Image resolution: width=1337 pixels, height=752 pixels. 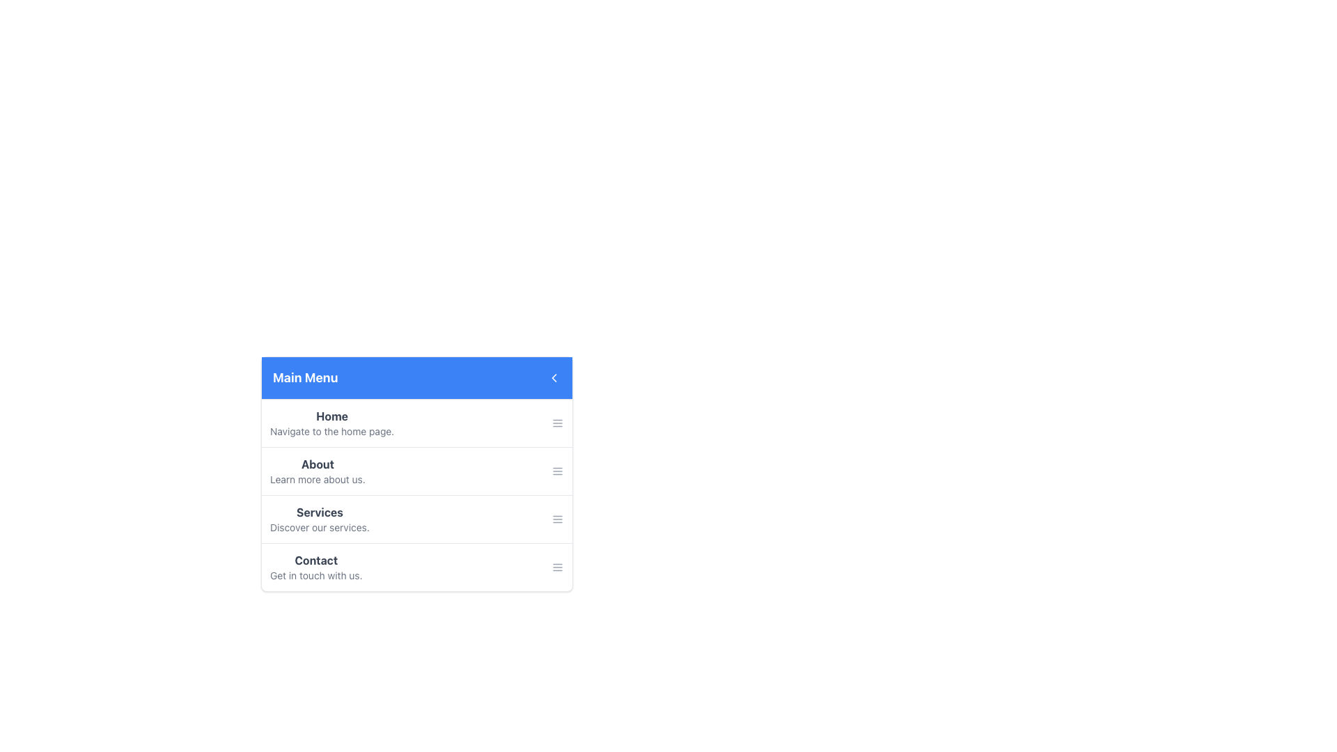 What do you see at coordinates (317, 471) in the screenshot?
I see `information displayed in the 'About' text label, which consists of a bold title and a descriptive text in a modern sans-serif font` at bounding box center [317, 471].